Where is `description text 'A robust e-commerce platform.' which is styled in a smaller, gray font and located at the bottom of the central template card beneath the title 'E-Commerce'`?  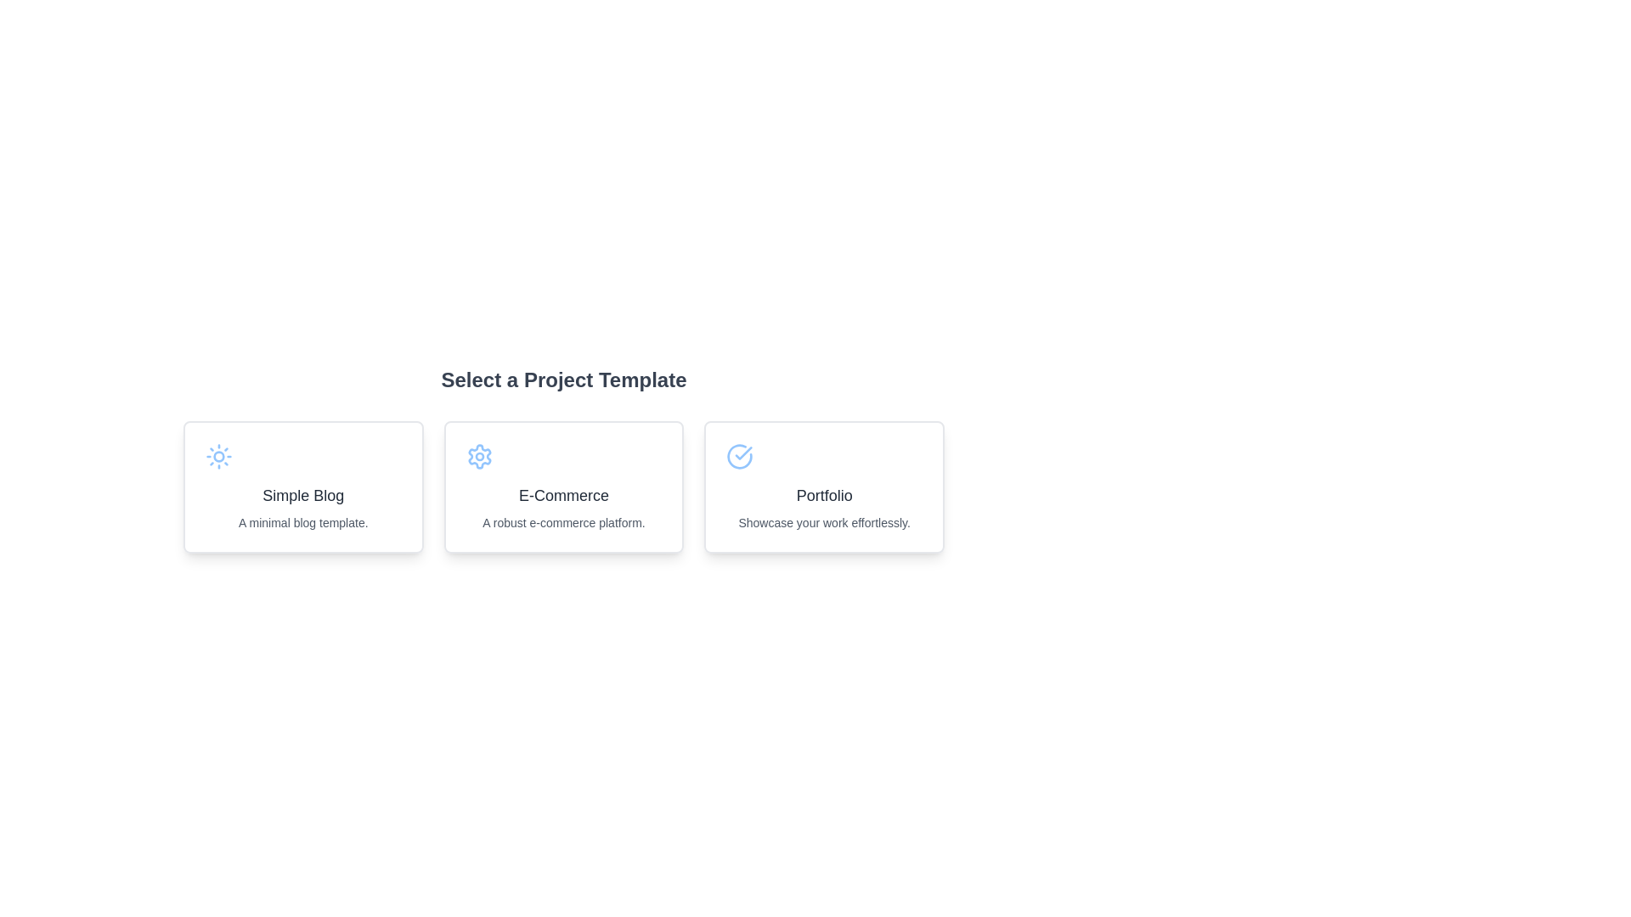
description text 'A robust e-commerce platform.' which is styled in a smaller, gray font and located at the bottom of the central template card beneath the title 'E-Commerce' is located at coordinates (563, 522).